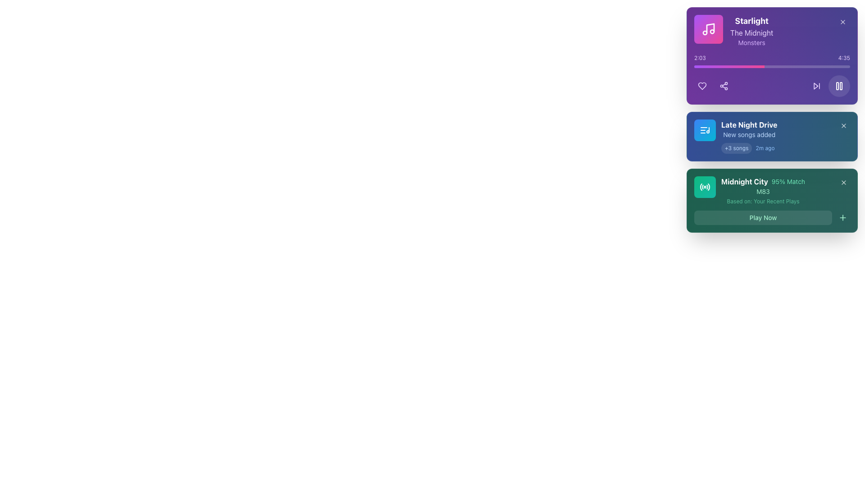 This screenshot has width=865, height=487. What do you see at coordinates (704, 187) in the screenshot?
I see `the circular radio icon with concentric circles styled in white, located on the left side of the green gradient background in the 'Midnight City' music card` at bounding box center [704, 187].